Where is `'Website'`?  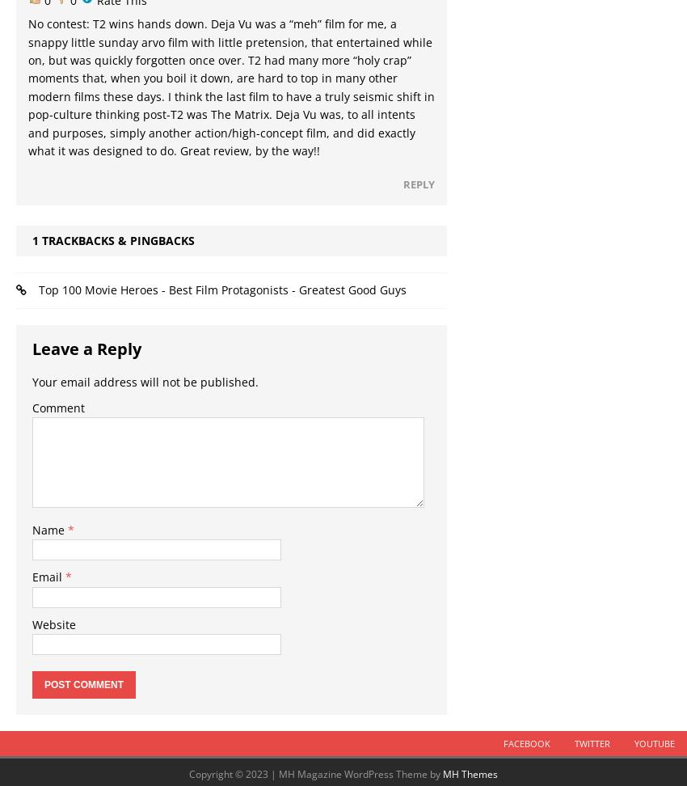
'Website' is located at coordinates (53, 623).